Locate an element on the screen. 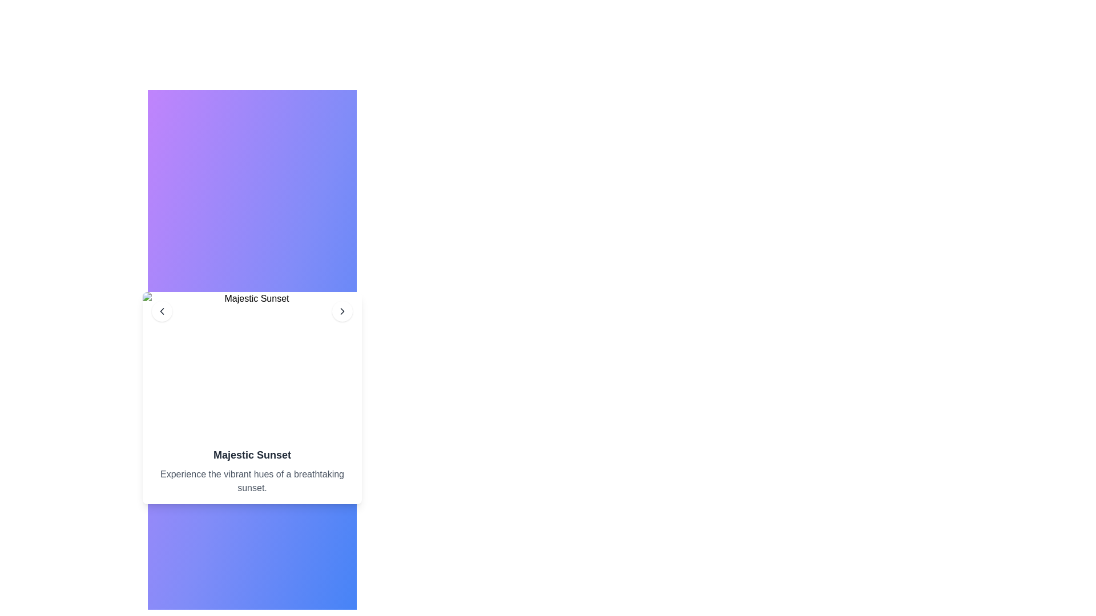  the back navigation icon located in the top-left region of the card header, to the left of the 'Majestic Sunset' title text is located at coordinates (161, 311).